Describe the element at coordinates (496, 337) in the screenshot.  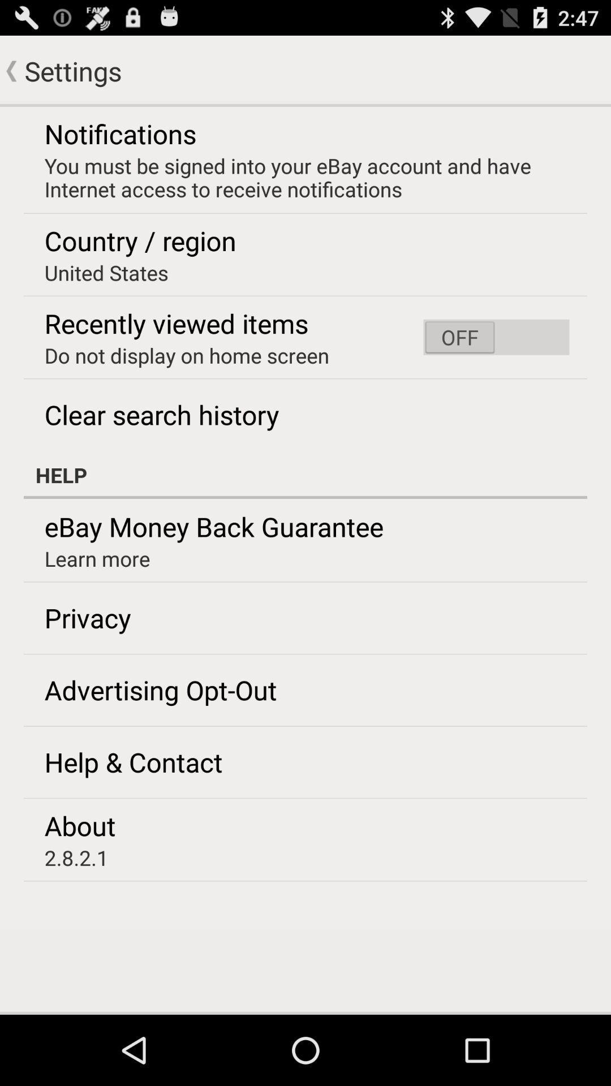
I see `the icon at the top right corner` at that location.